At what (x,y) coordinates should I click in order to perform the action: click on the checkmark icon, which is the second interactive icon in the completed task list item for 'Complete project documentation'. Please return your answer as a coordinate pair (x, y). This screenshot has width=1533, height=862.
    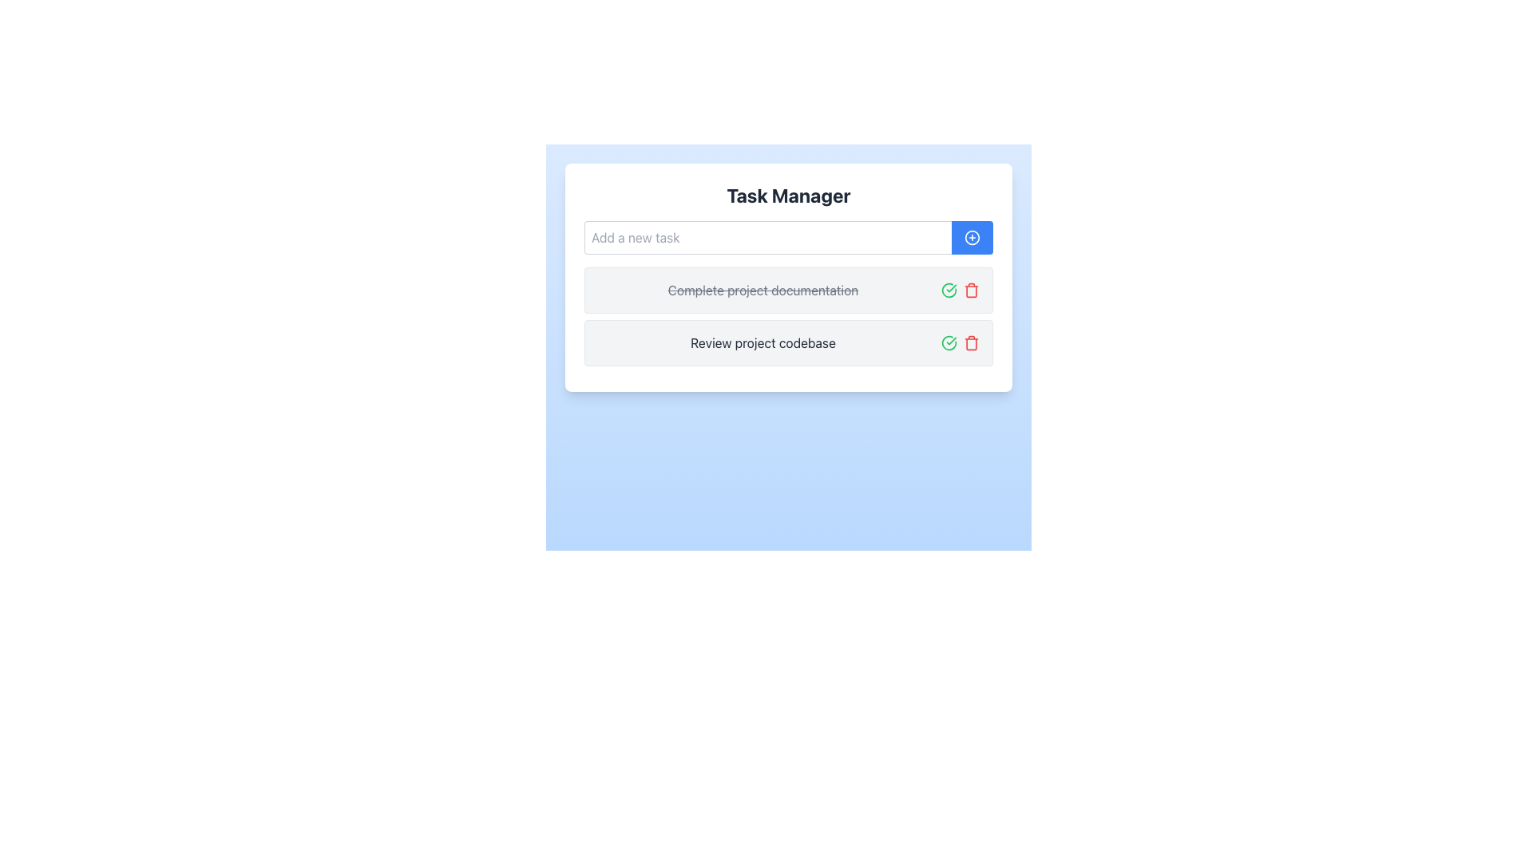
    Looking at the image, I should click on (949, 290).